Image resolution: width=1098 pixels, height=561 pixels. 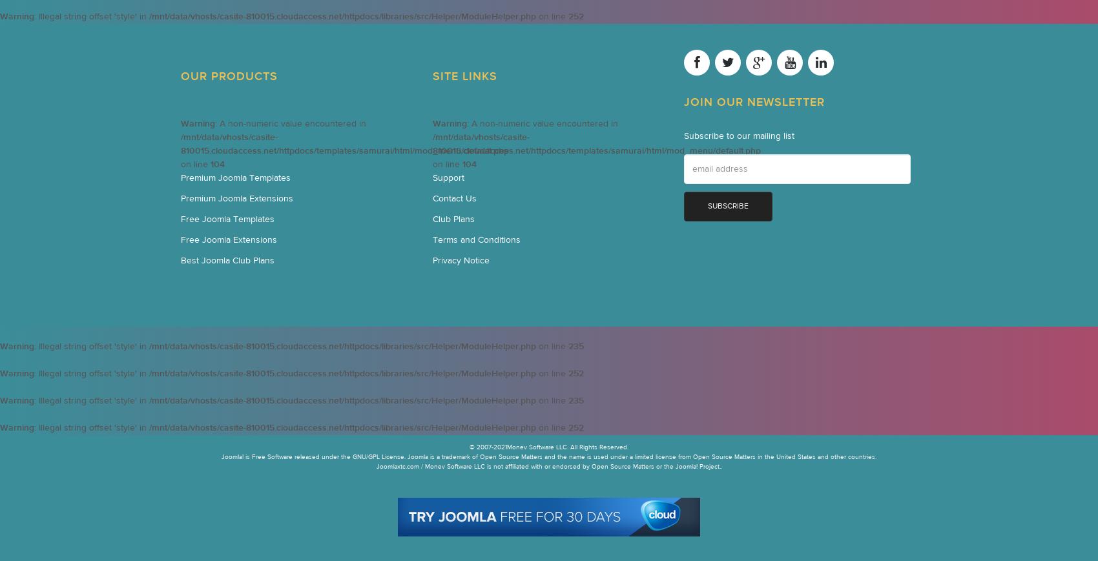 I want to click on 'Subscribe to our mailing list', so click(x=739, y=135).